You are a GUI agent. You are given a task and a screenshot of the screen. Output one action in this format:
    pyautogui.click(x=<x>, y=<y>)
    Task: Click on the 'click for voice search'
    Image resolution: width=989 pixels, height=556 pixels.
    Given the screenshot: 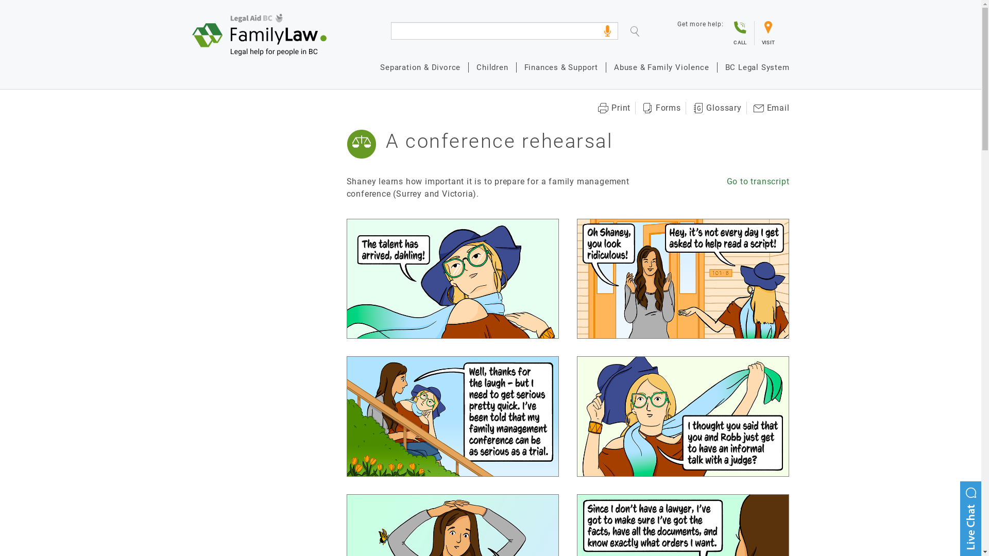 What is the action you would take?
    pyautogui.click(x=607, y=30)
    